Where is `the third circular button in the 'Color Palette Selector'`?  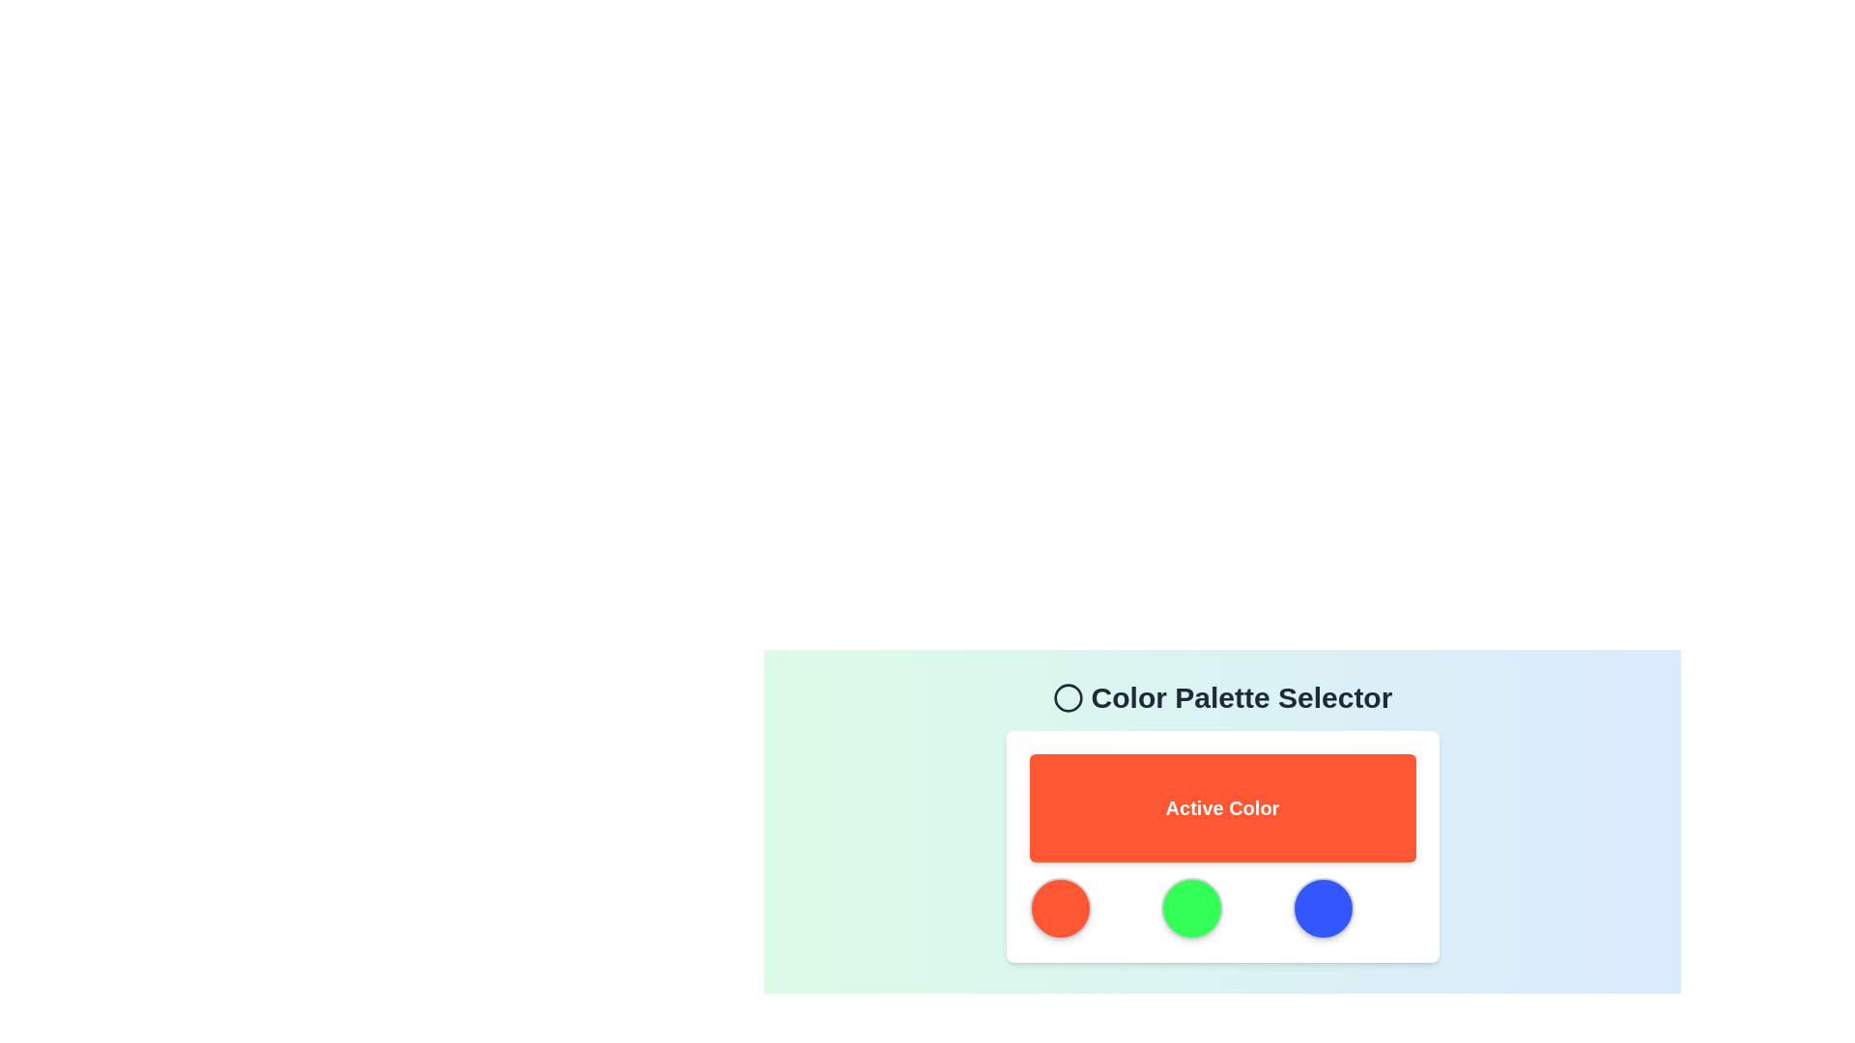 the third circular button in the 'Color Palette Selector' is located at coordinates (1322, 909).